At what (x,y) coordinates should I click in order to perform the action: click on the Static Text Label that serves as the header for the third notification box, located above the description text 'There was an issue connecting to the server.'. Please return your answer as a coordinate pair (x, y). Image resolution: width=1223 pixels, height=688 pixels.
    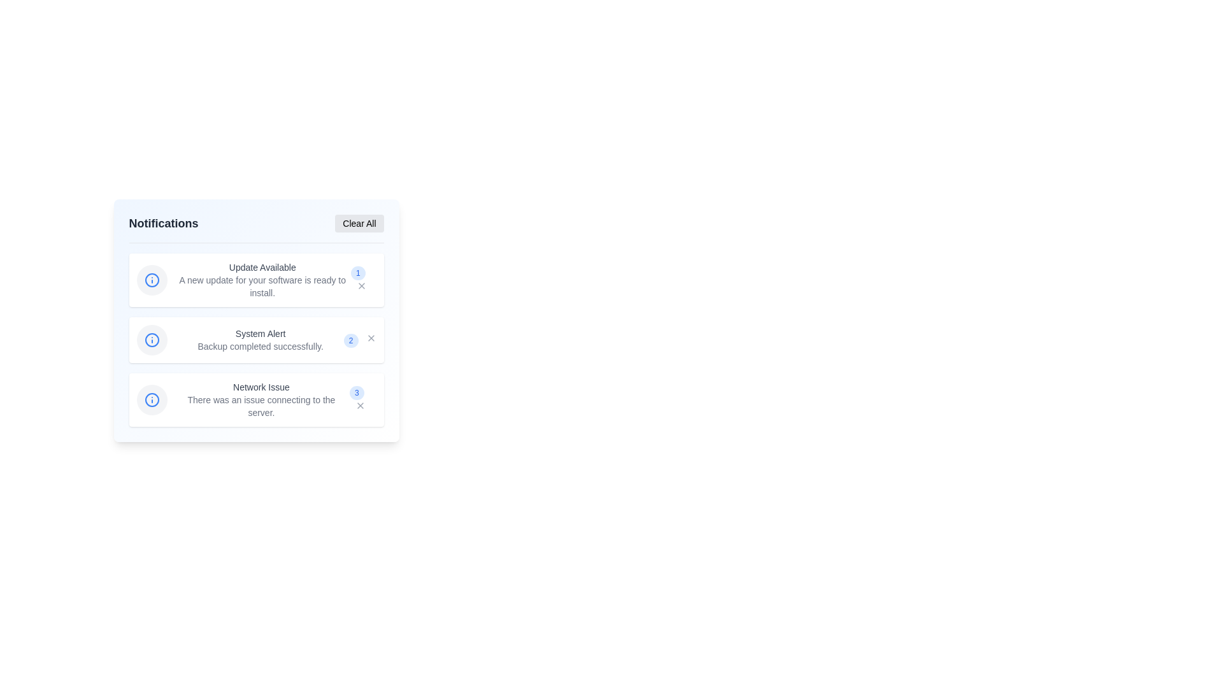
    Looking at the image, I should click on (261, 387).